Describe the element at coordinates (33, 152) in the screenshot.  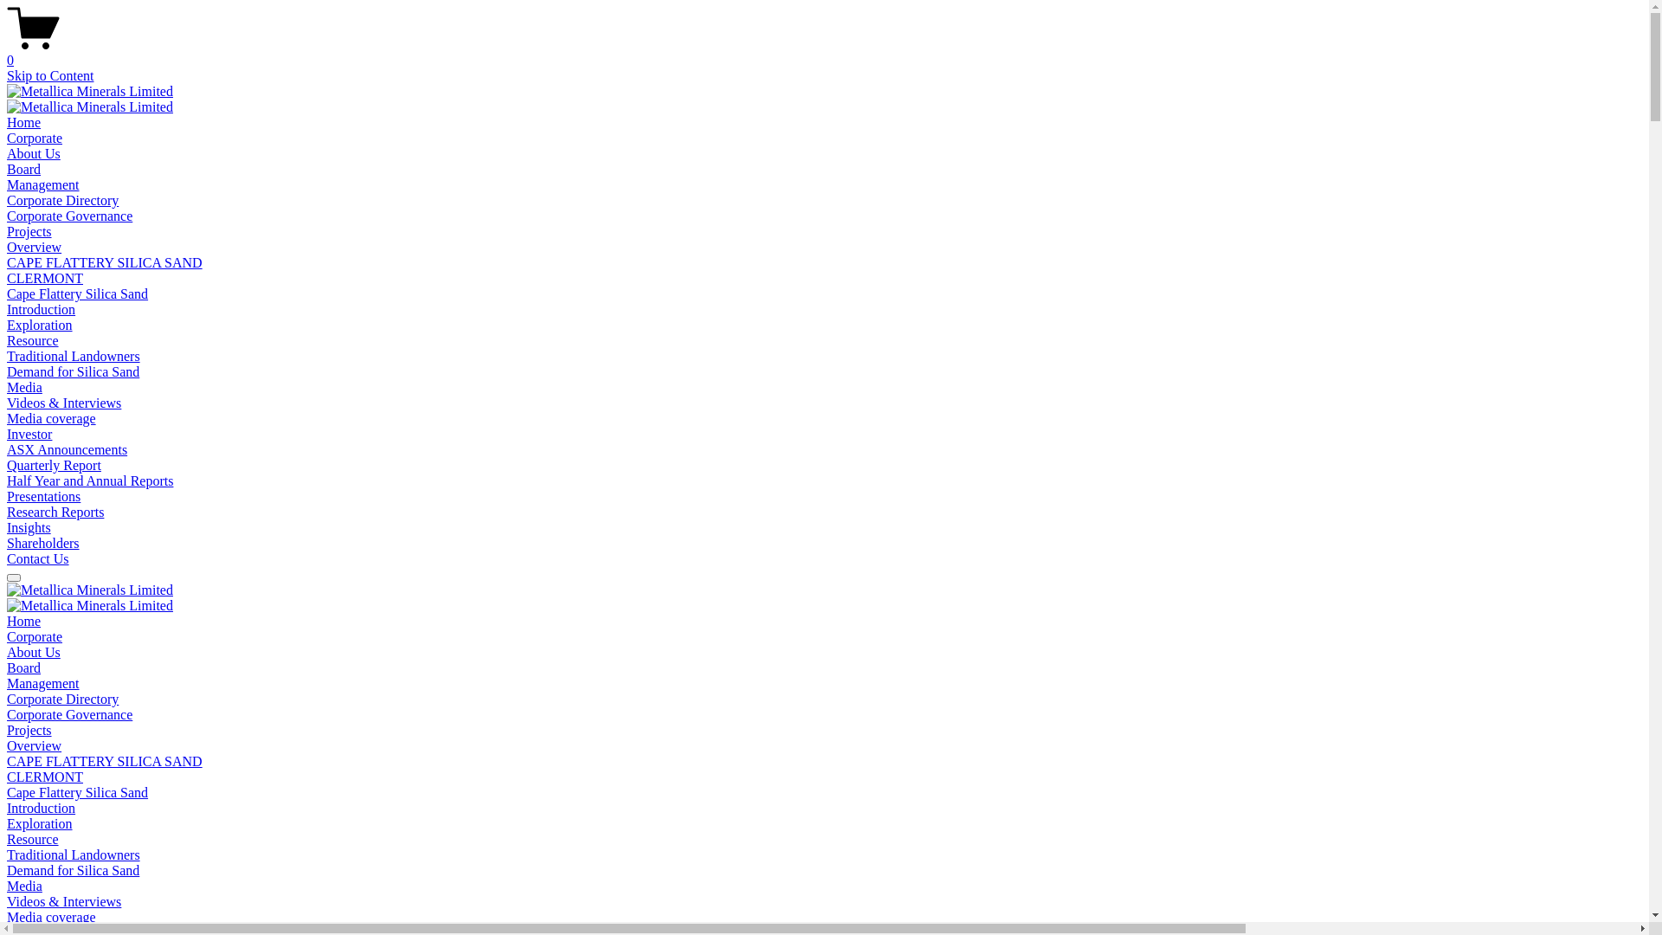
I see `'About Us'` at that location.